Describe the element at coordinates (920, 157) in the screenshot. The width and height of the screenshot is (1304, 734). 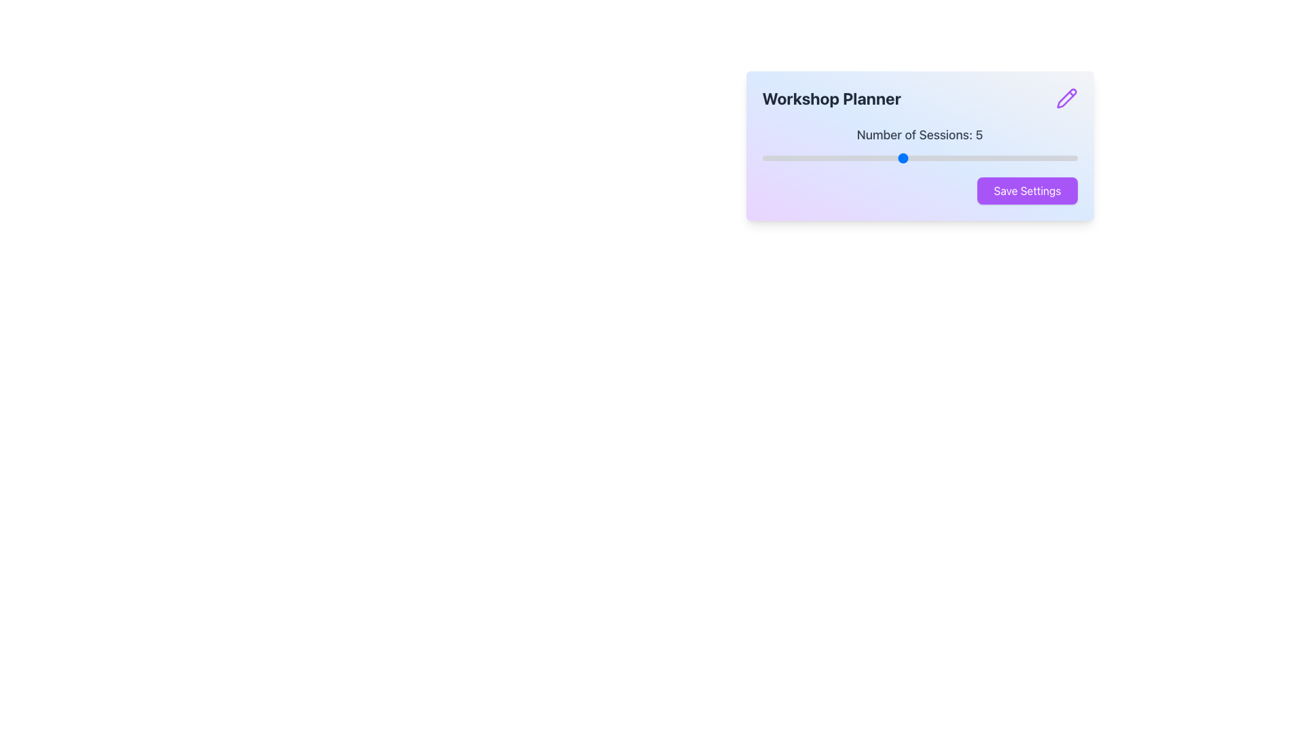
I see `the blue circular thumb of the horizontal slider, which is located below the text 'Number of Sessions: 5'` at that location.